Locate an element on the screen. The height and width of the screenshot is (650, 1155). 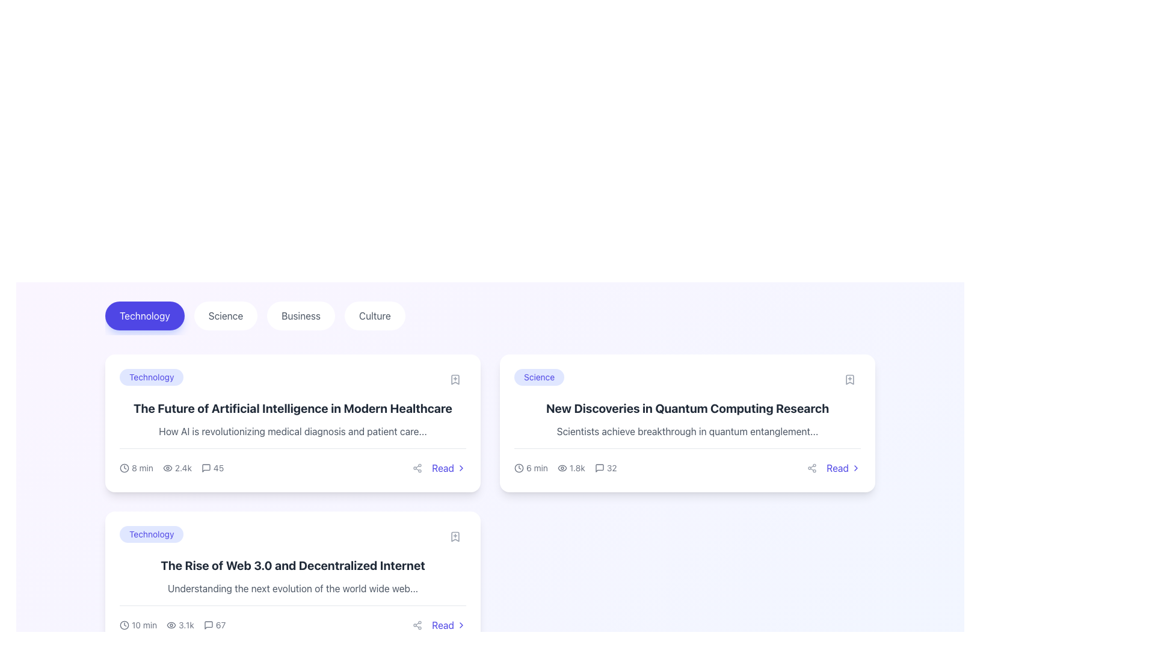
the label with icon indicating the estimated reading time for the article 'The Rise of Web 3.0 and Decentralized Internet', located at the bottom-left corner of the card is located at coordinates (138, 624).